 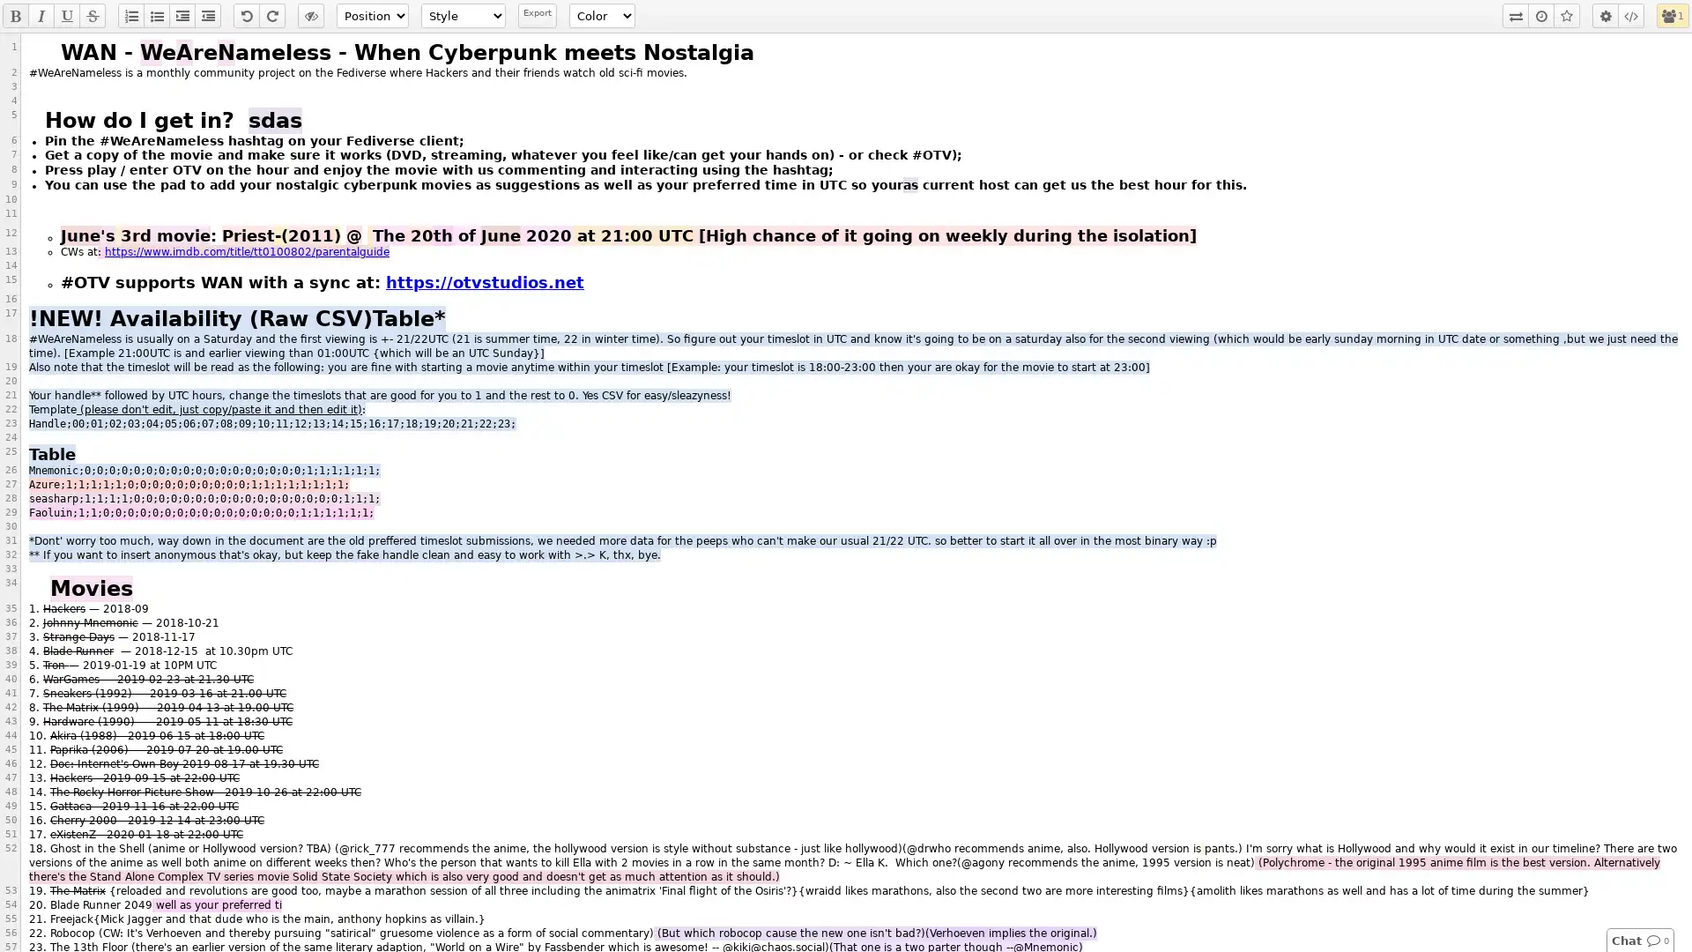 I want to click on Show the users on this pad, so click(x=1668, y=16).